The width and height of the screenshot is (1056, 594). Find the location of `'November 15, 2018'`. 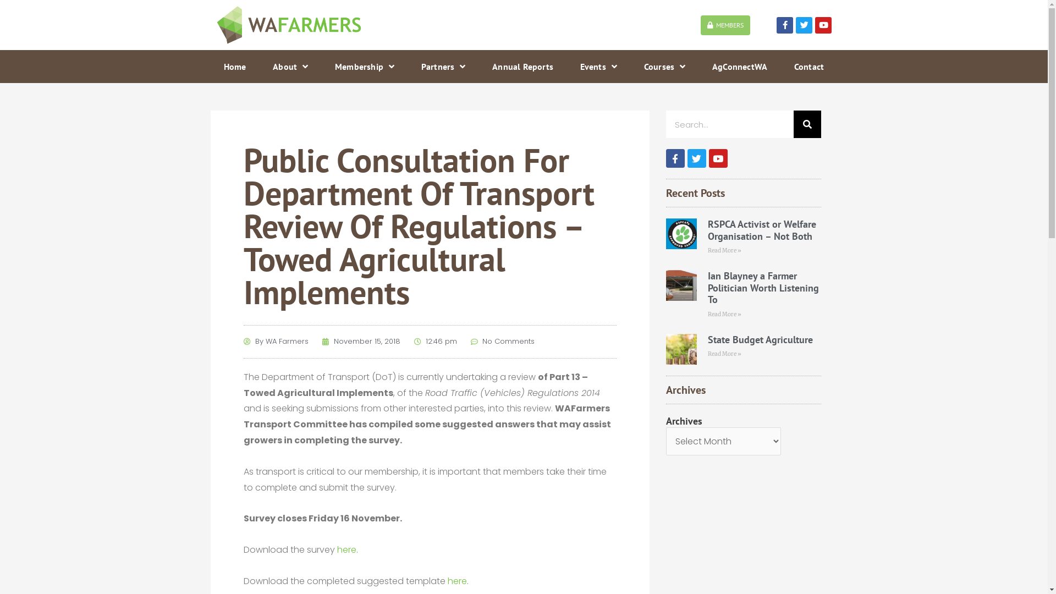

'November 15, 2018' is located at coordinates (361, 341).